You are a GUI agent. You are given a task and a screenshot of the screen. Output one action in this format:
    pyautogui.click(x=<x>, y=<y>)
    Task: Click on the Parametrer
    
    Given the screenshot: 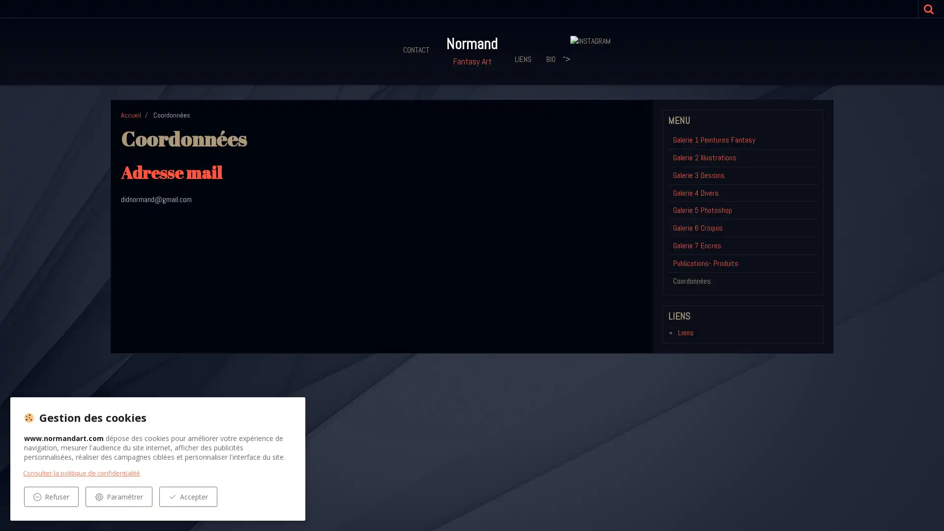 What is the action you would take?
    pyautogui.click(x=118, y=497)
    